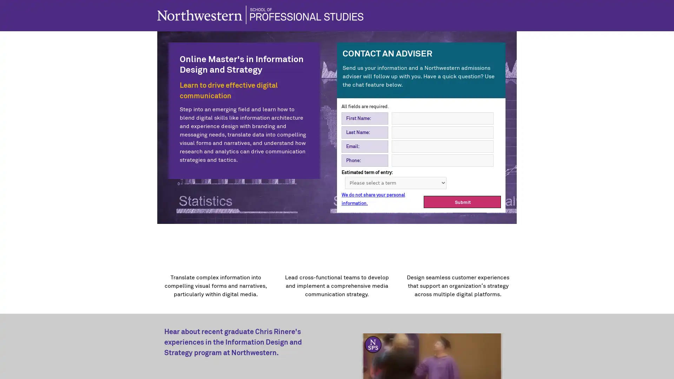 This screenshot has width=674, height=379. I want to click on Submit, so click(462, 202).